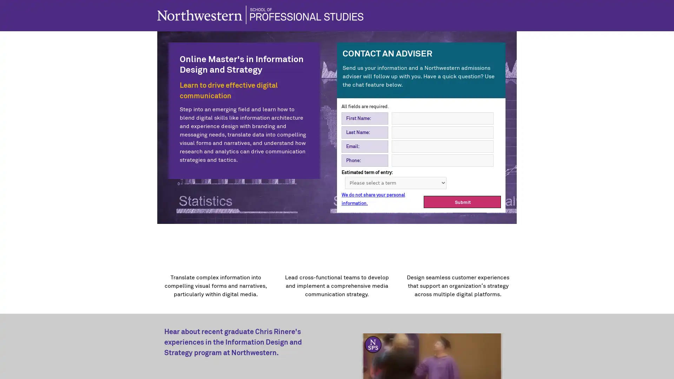 This screenshot has width=674, height=379. I want to click on Submit, so click(462, 202).